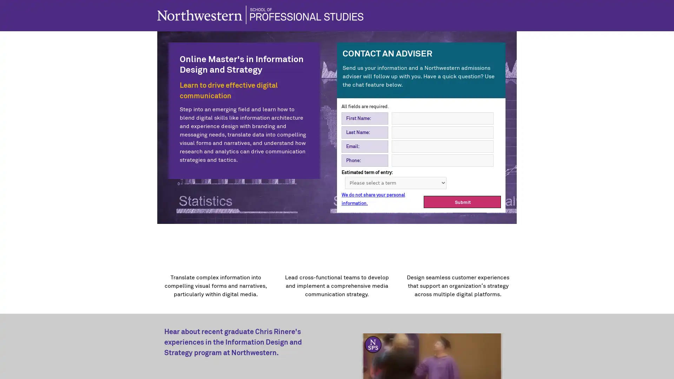 This screenshot has width=674, height=379. I want to click on Submit, so click(462, 202).